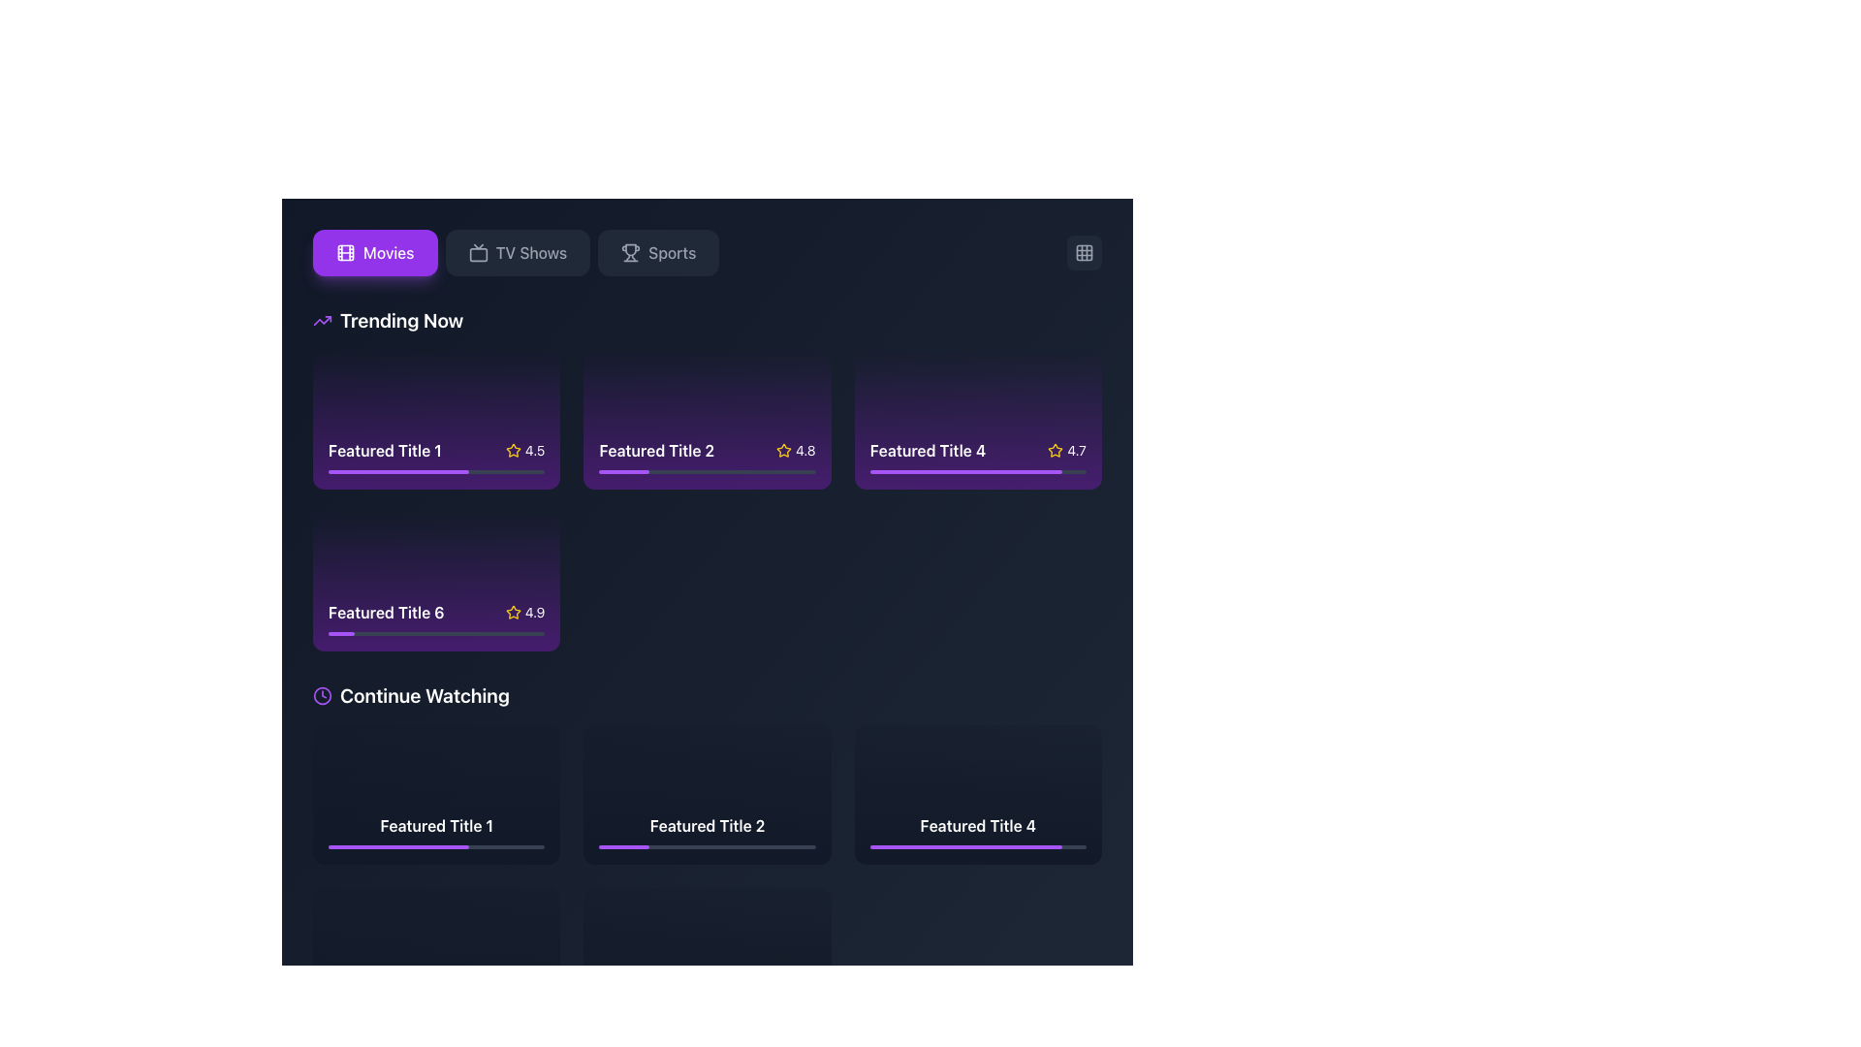  I want to click on text label that identifies the corresponding movie or show in the 'Continue Watching' section, located in the lower section of the card as the second item in the second row of the grid layout, so click(978, 825).